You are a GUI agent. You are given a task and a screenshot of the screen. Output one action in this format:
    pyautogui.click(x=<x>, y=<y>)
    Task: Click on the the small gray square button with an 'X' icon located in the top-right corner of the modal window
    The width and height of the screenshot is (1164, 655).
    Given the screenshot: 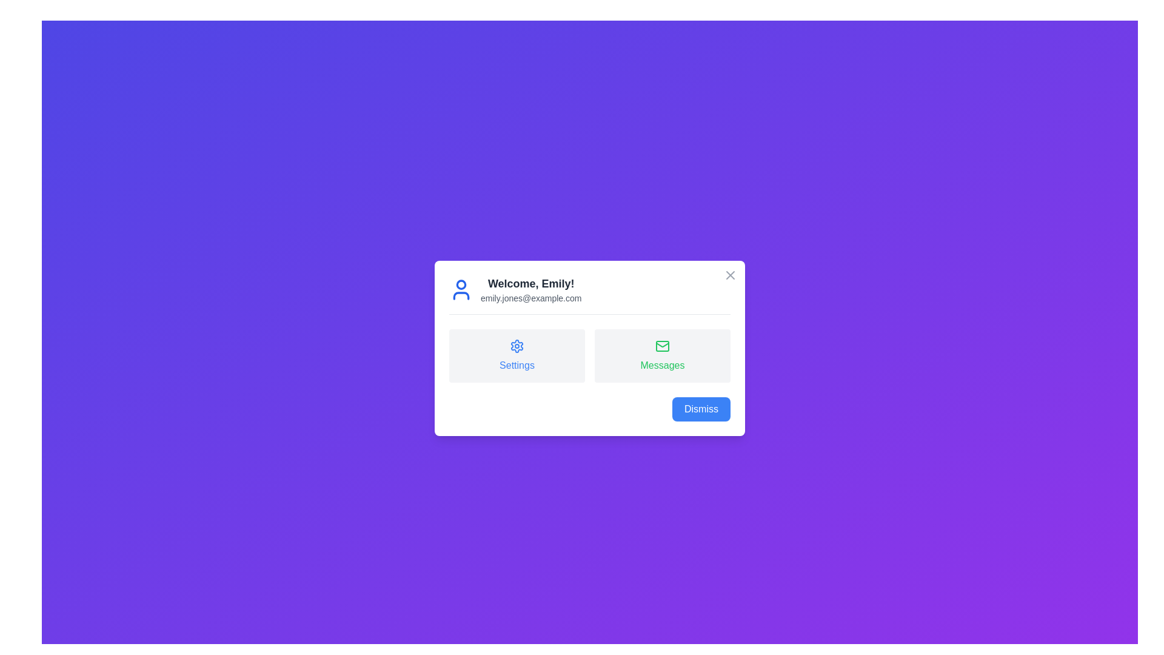 What is the action you would take?
    pyautogui.click(x=729, y=275)
    